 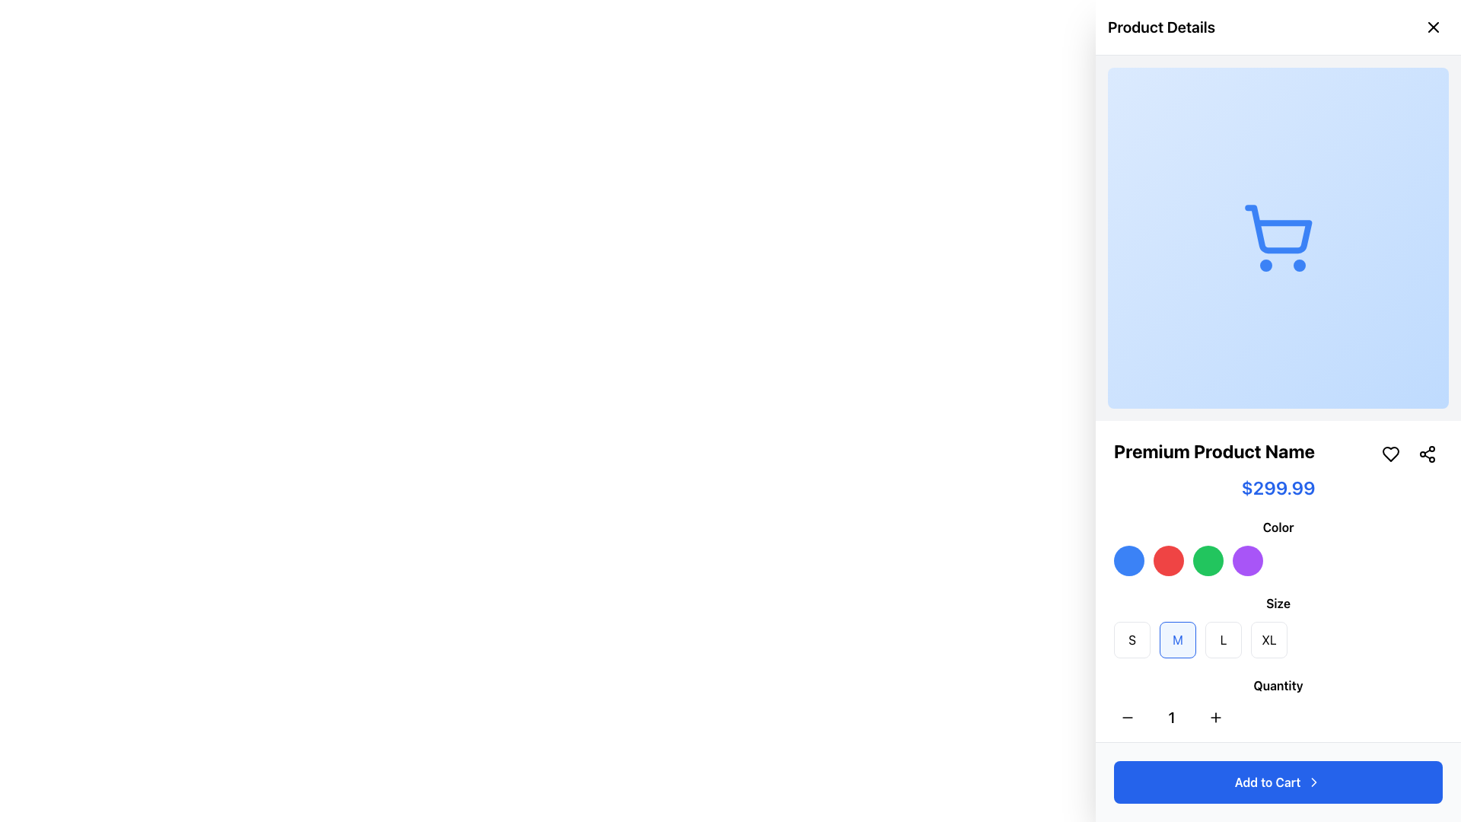 I want to click on the static text label displaying the price of the listed product, located below the product name 'Premium Product Name', so click(x=1278, y=487).